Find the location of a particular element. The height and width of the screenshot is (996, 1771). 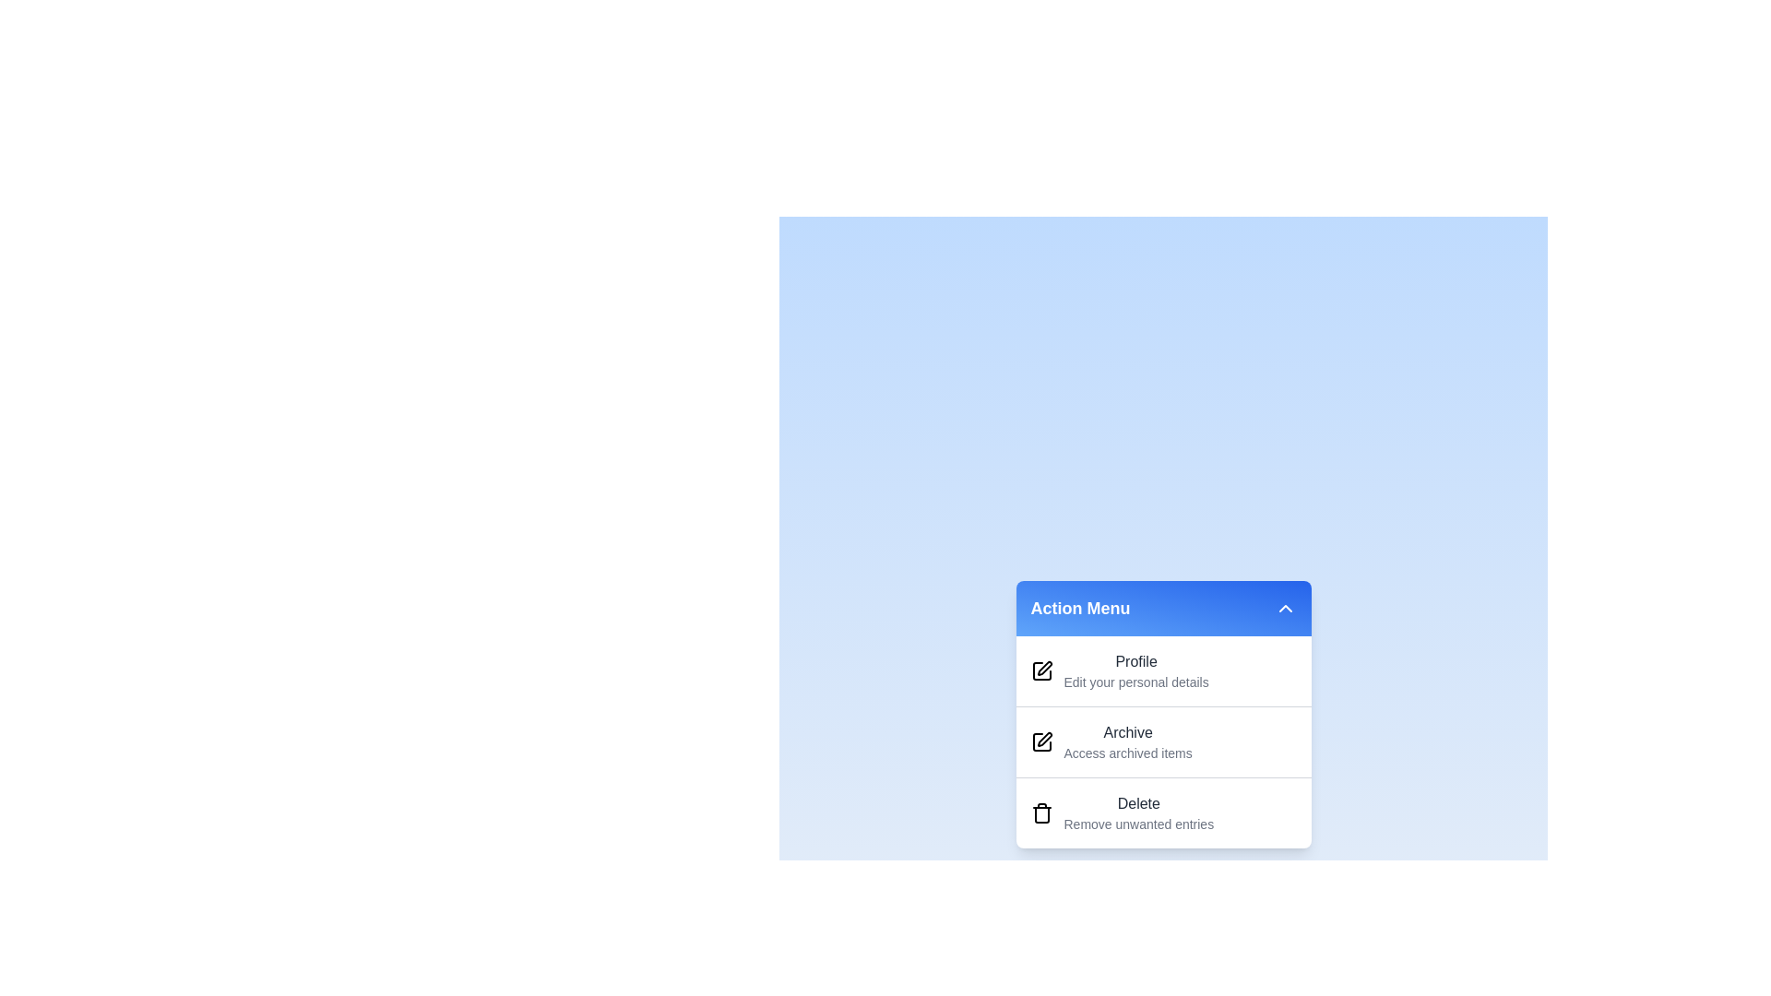

the icon of the menu item labeled 'Archive' is located at coordinates (1041, 741).